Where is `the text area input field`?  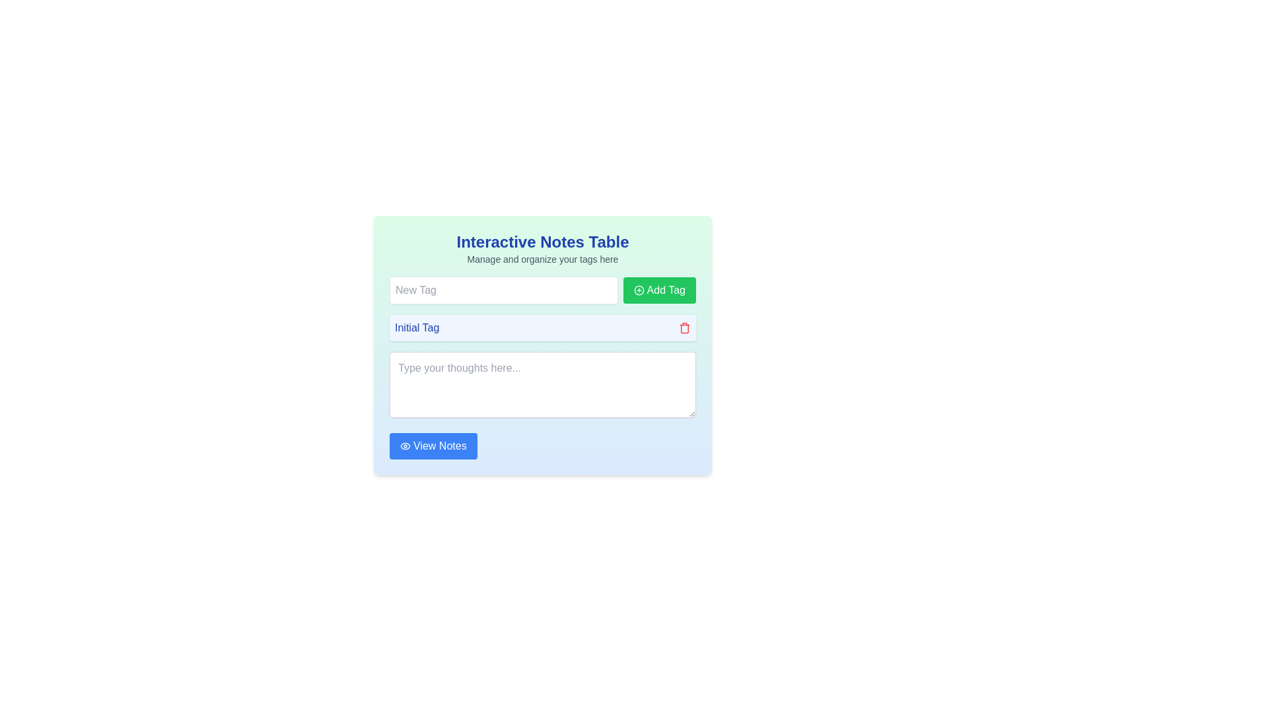 the text area input field is located at coordinates (542, 384).